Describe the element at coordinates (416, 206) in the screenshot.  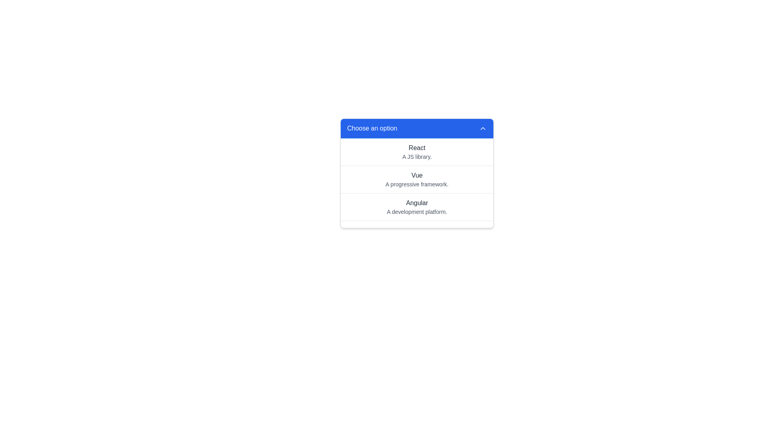
I see `the third selectable list item in the dropdown menu, which contains 'Angular' in bold dark-grey font and 'A development platform.' in light-grey font` at that location.